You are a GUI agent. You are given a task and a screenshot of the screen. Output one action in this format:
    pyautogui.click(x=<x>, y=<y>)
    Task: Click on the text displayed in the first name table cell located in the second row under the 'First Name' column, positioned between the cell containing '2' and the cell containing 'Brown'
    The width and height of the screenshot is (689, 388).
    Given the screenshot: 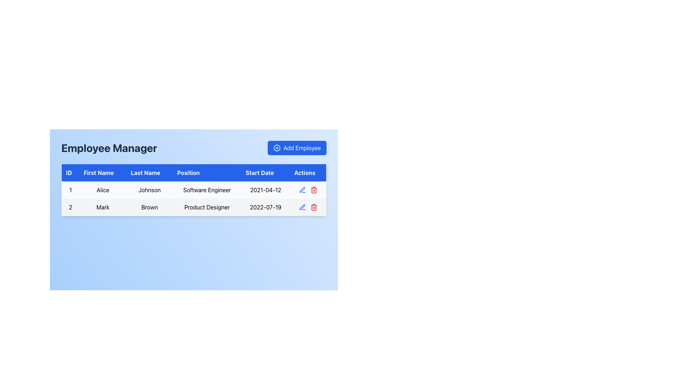 What is the action you would take?
    pyautogui.click(x=102, y=207)
    